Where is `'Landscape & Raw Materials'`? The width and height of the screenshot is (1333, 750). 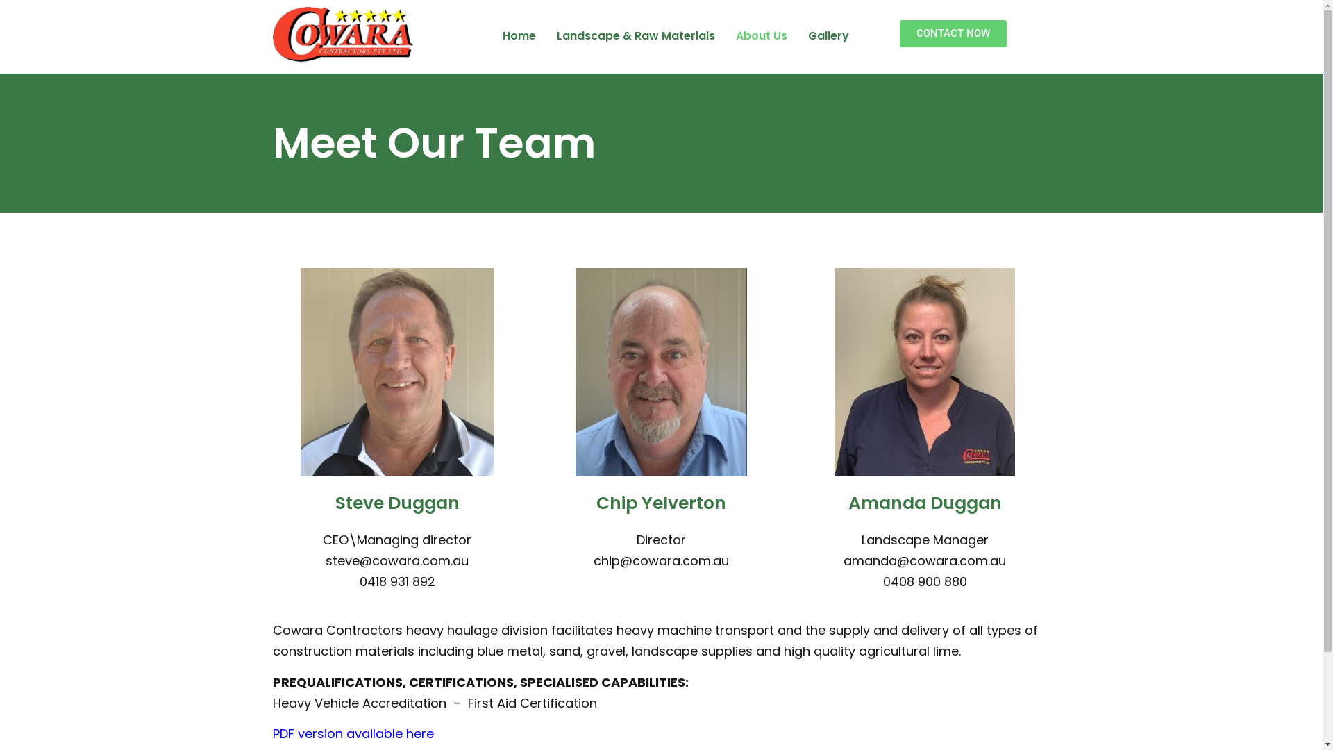 'Landscape & Raw Materials' is located at coordinates (635, 35).